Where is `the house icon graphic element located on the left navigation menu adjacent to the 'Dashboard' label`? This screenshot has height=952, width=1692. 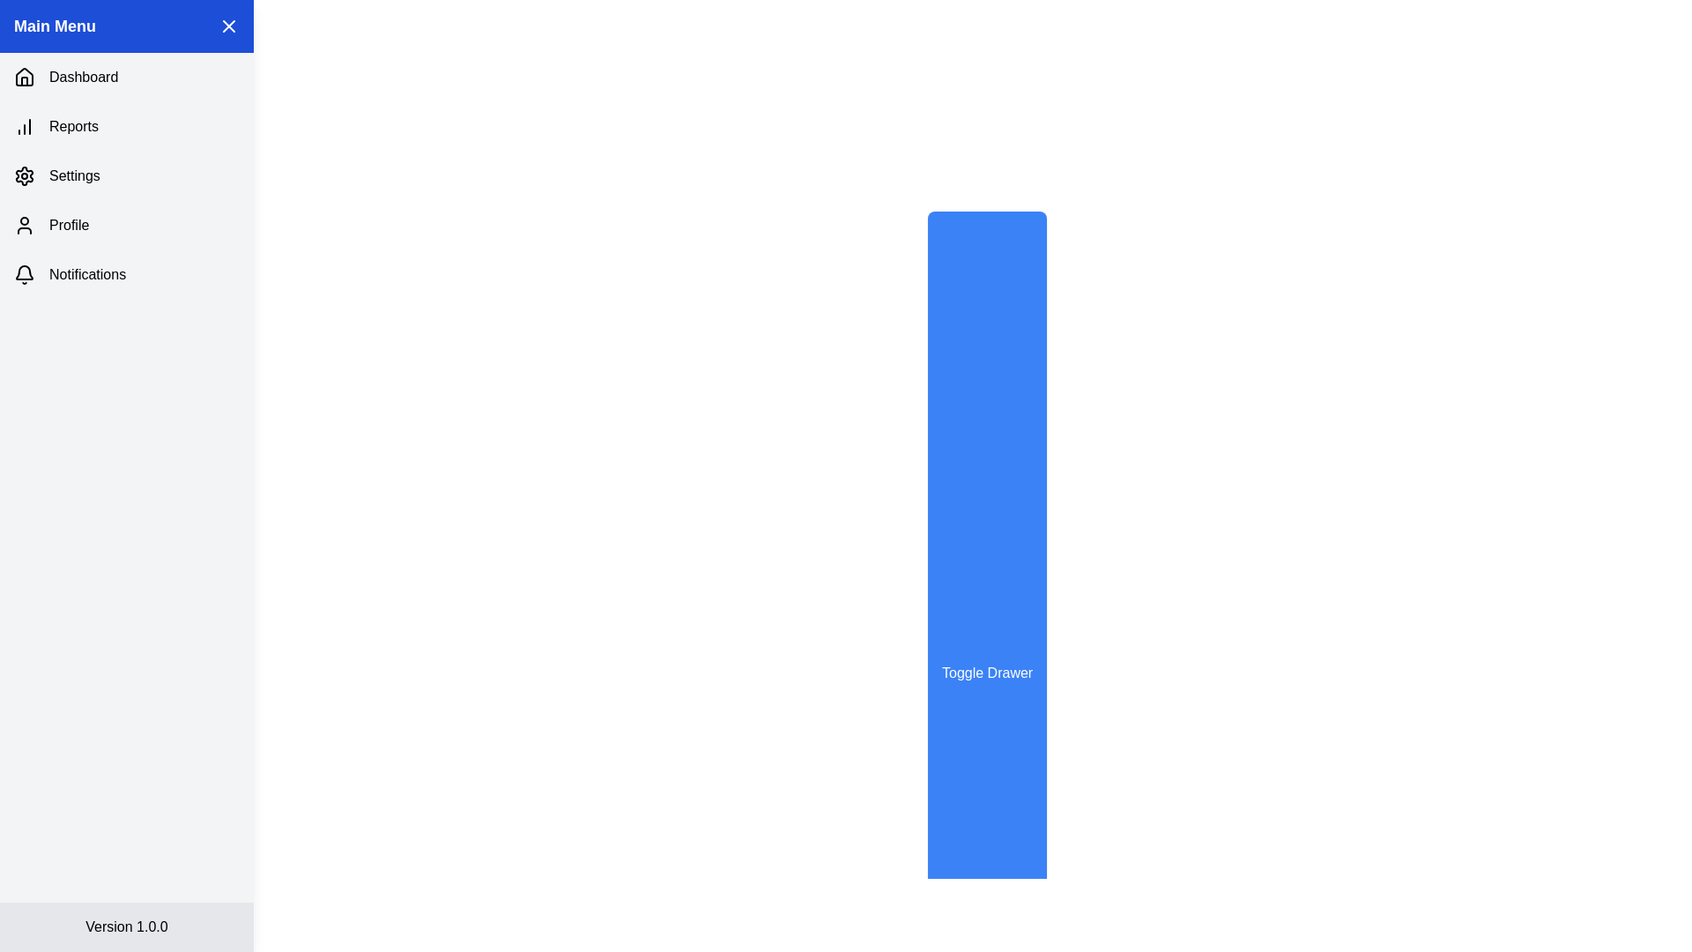
the house icon graphic element located on the left navigation menu adjacent to the 'Dashboard' label is located at coordinates (25, 81).